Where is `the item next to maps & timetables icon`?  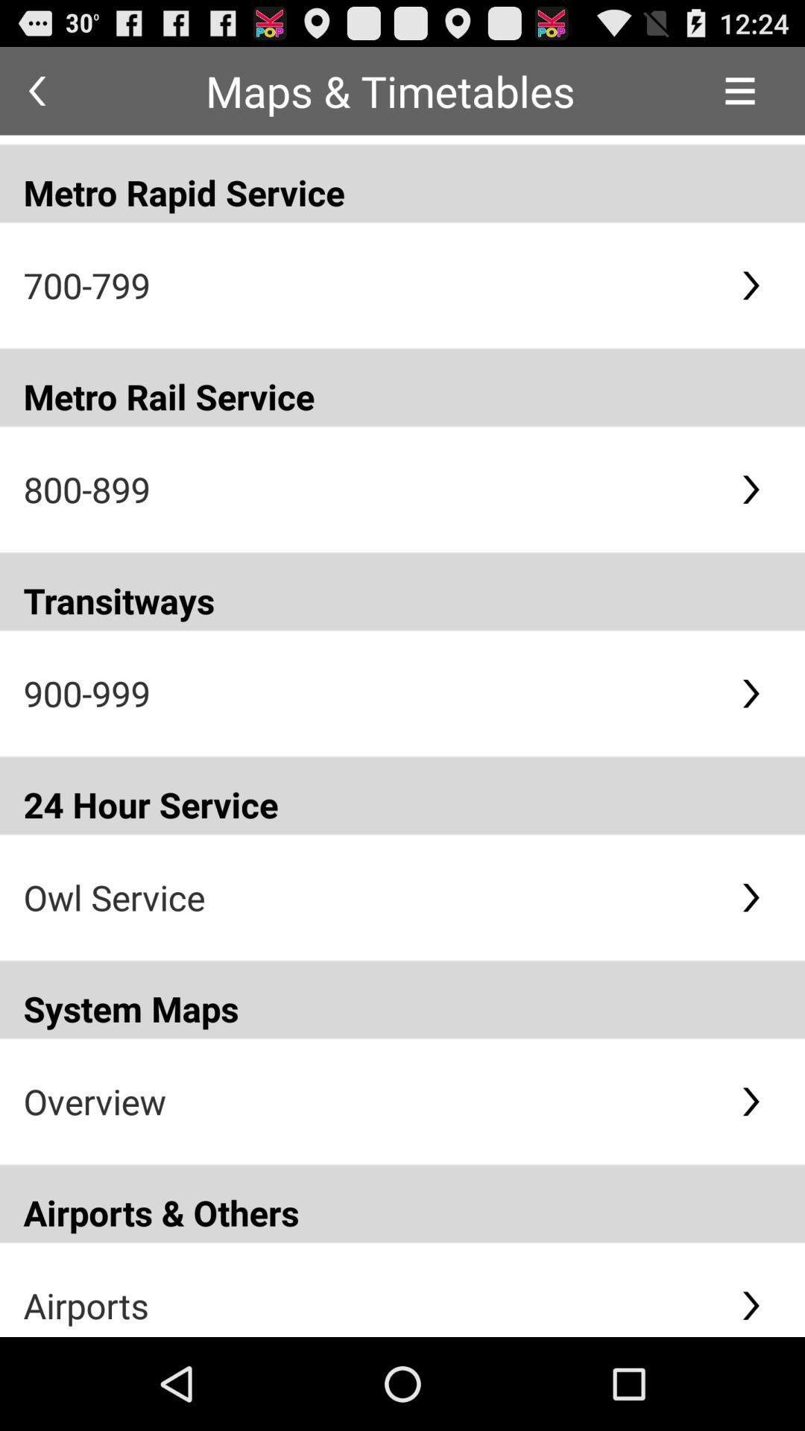 the item next to maps & timetables icon is located at coordinates (36, 90).